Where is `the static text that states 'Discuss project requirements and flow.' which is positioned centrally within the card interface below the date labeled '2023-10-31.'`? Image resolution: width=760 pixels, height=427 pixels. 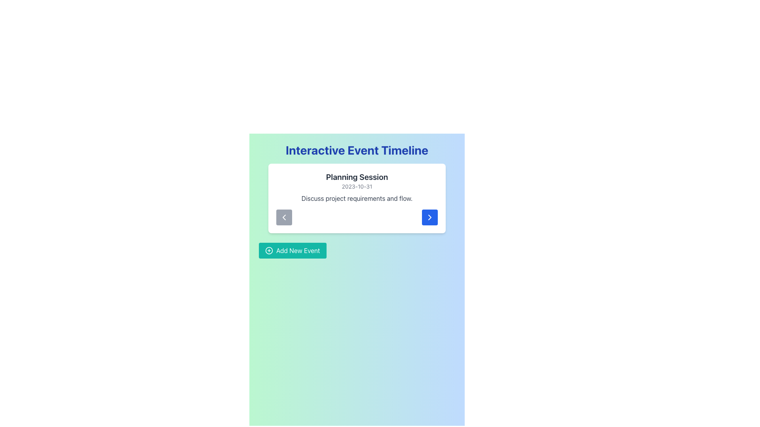 the static text that states 'Discuss project requirements and flow.' which is positioned centrally within the card interface below the date labeled '2023-10-31.' is located at coordinates (357, 198).